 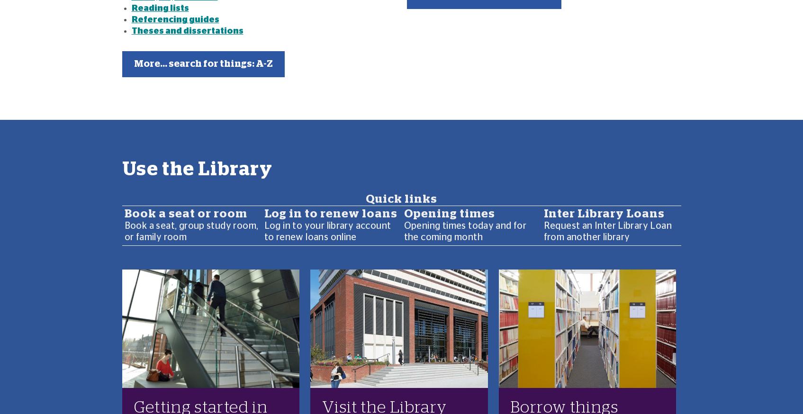 What do you see at coordinates (151, 143) in the screenshot?
I see `'Library Café'` at bounding box center [151, 143].